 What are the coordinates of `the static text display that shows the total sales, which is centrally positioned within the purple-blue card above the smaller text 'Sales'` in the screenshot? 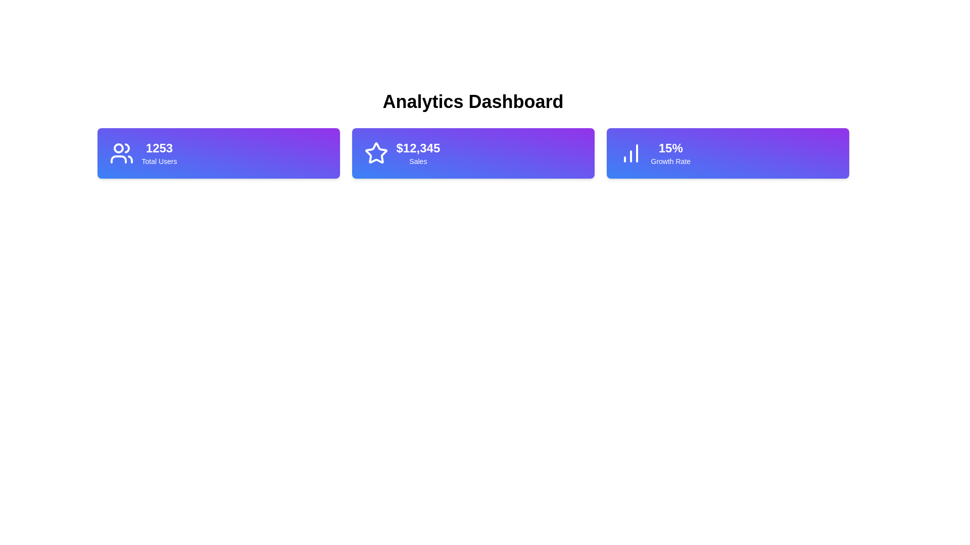 It's located at (418, 148).